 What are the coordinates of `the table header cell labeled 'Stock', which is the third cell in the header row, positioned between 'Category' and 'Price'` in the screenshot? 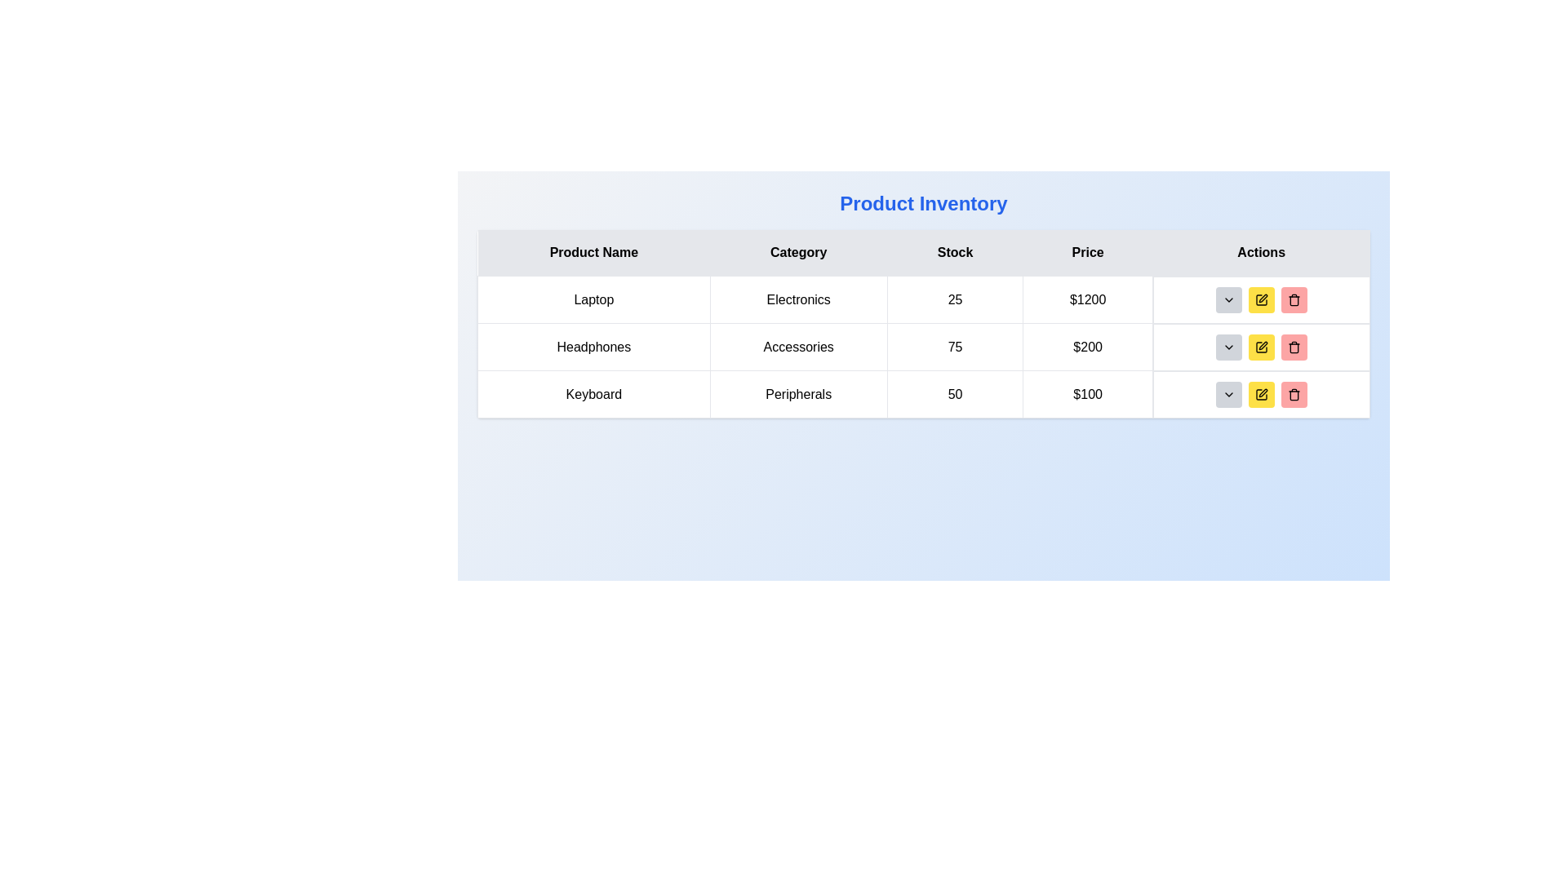 It's located at (955, 253).